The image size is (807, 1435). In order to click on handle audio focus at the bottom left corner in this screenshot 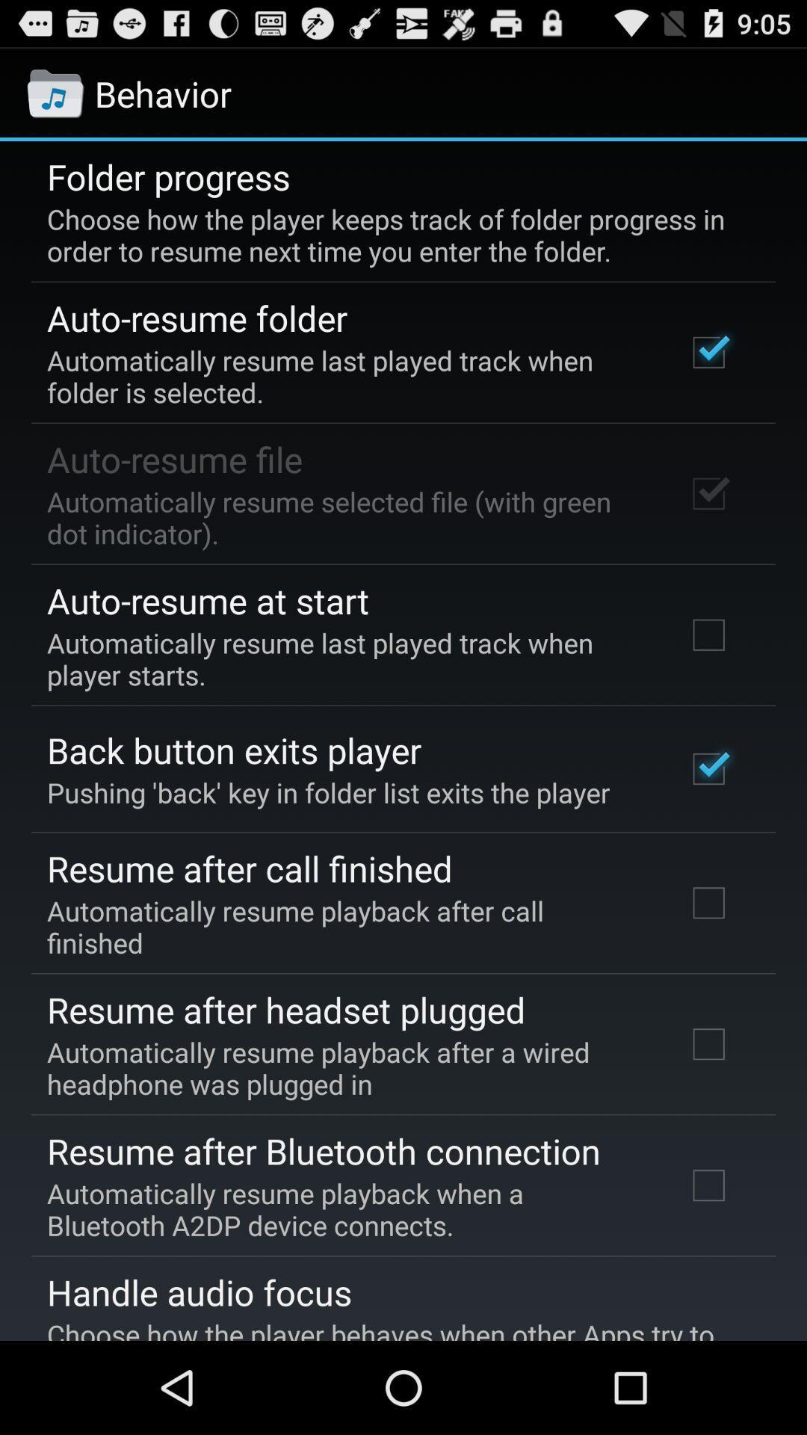, I will do `click(198, 1291)`.